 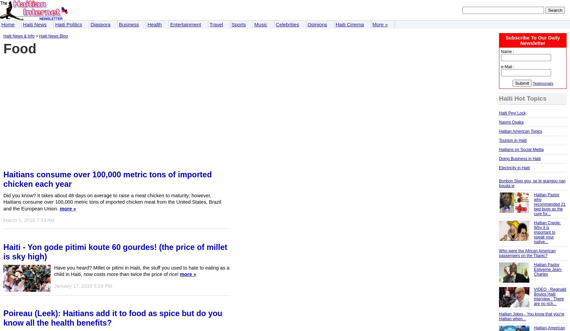 What do you see at coordinates (112, 318) in the screenshot?
I see `'Poireau (Leek): Haitians add it to food as spice but do you know all the health benefits?'` at bounding box center [112, 318].